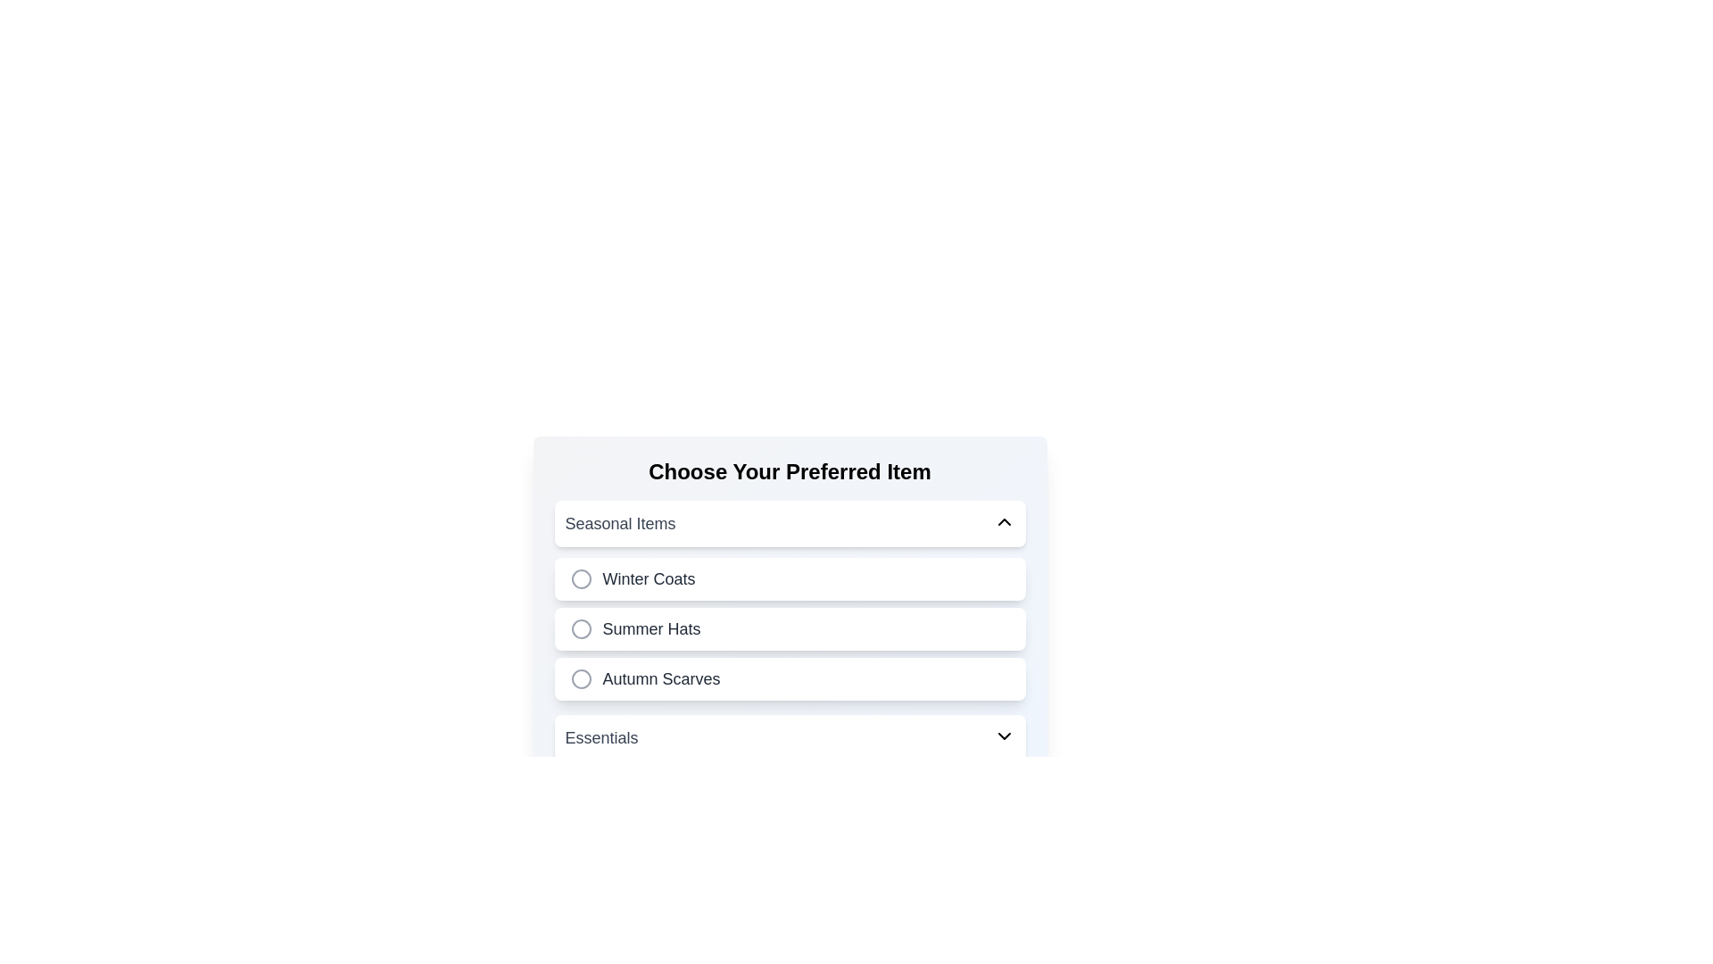 The height and width of the screenshot is (964, 1713). What do you see at coordinates (581, 678) in the screenshot?
I see `the radio button representing the selection status of the 'Autumn Scarves' option` at bounding box center [581, 678].